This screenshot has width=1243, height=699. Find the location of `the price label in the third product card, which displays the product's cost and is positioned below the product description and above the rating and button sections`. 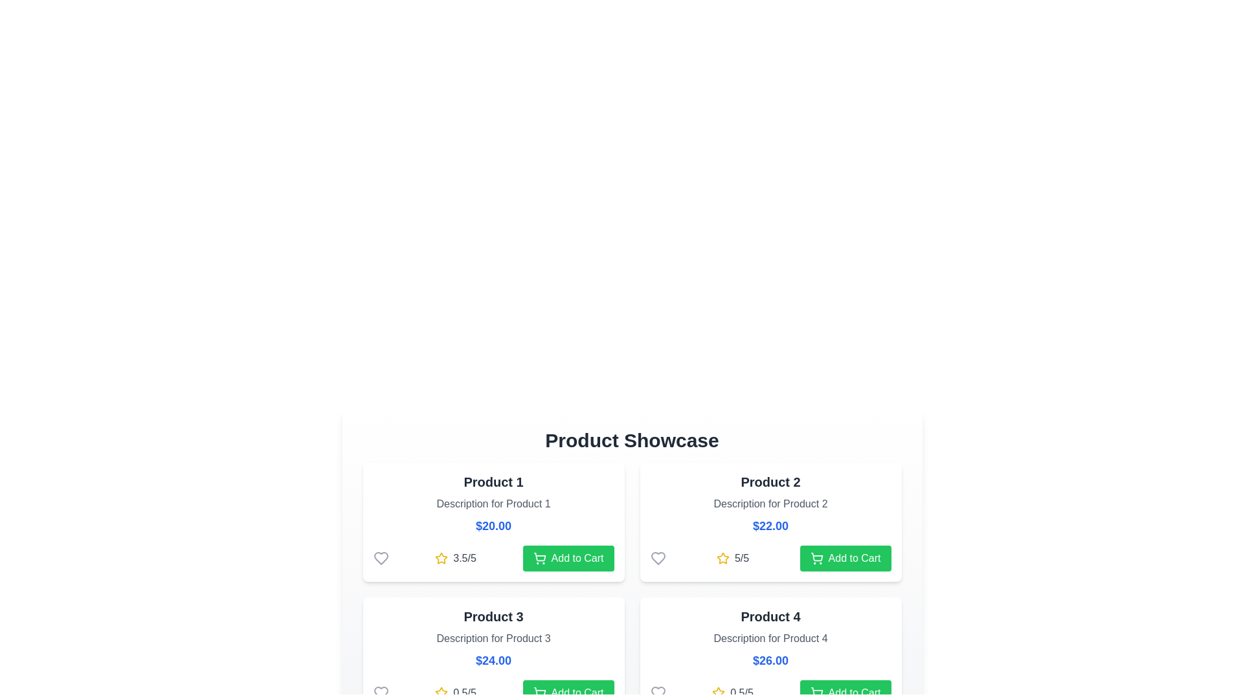

the price label in the third product card, which displays the product's cost and is positioned below the product description and above the rating and button sections is located at coordinates (493, 661).